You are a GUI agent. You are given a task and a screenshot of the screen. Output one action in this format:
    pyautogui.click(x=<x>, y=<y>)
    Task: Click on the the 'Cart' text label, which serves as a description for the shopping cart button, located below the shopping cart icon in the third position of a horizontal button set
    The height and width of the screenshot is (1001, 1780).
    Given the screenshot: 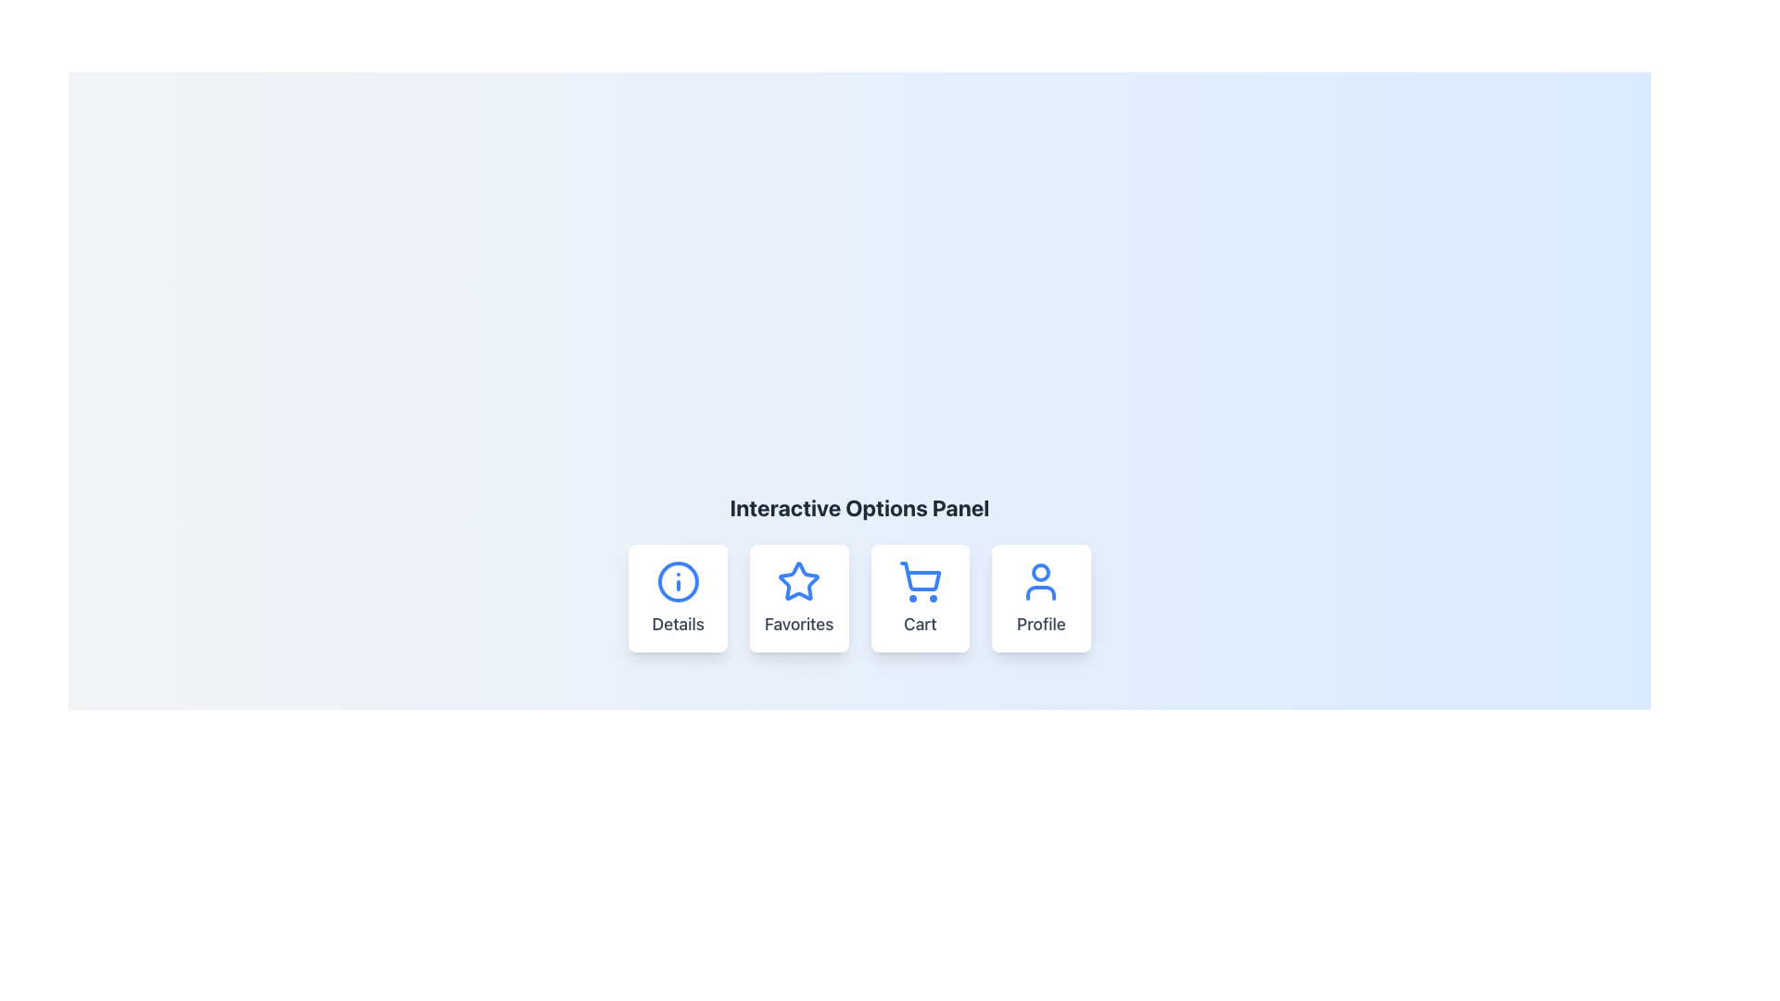 What is the action you would take?
    pyautogui.click(x=920, y=625)
    